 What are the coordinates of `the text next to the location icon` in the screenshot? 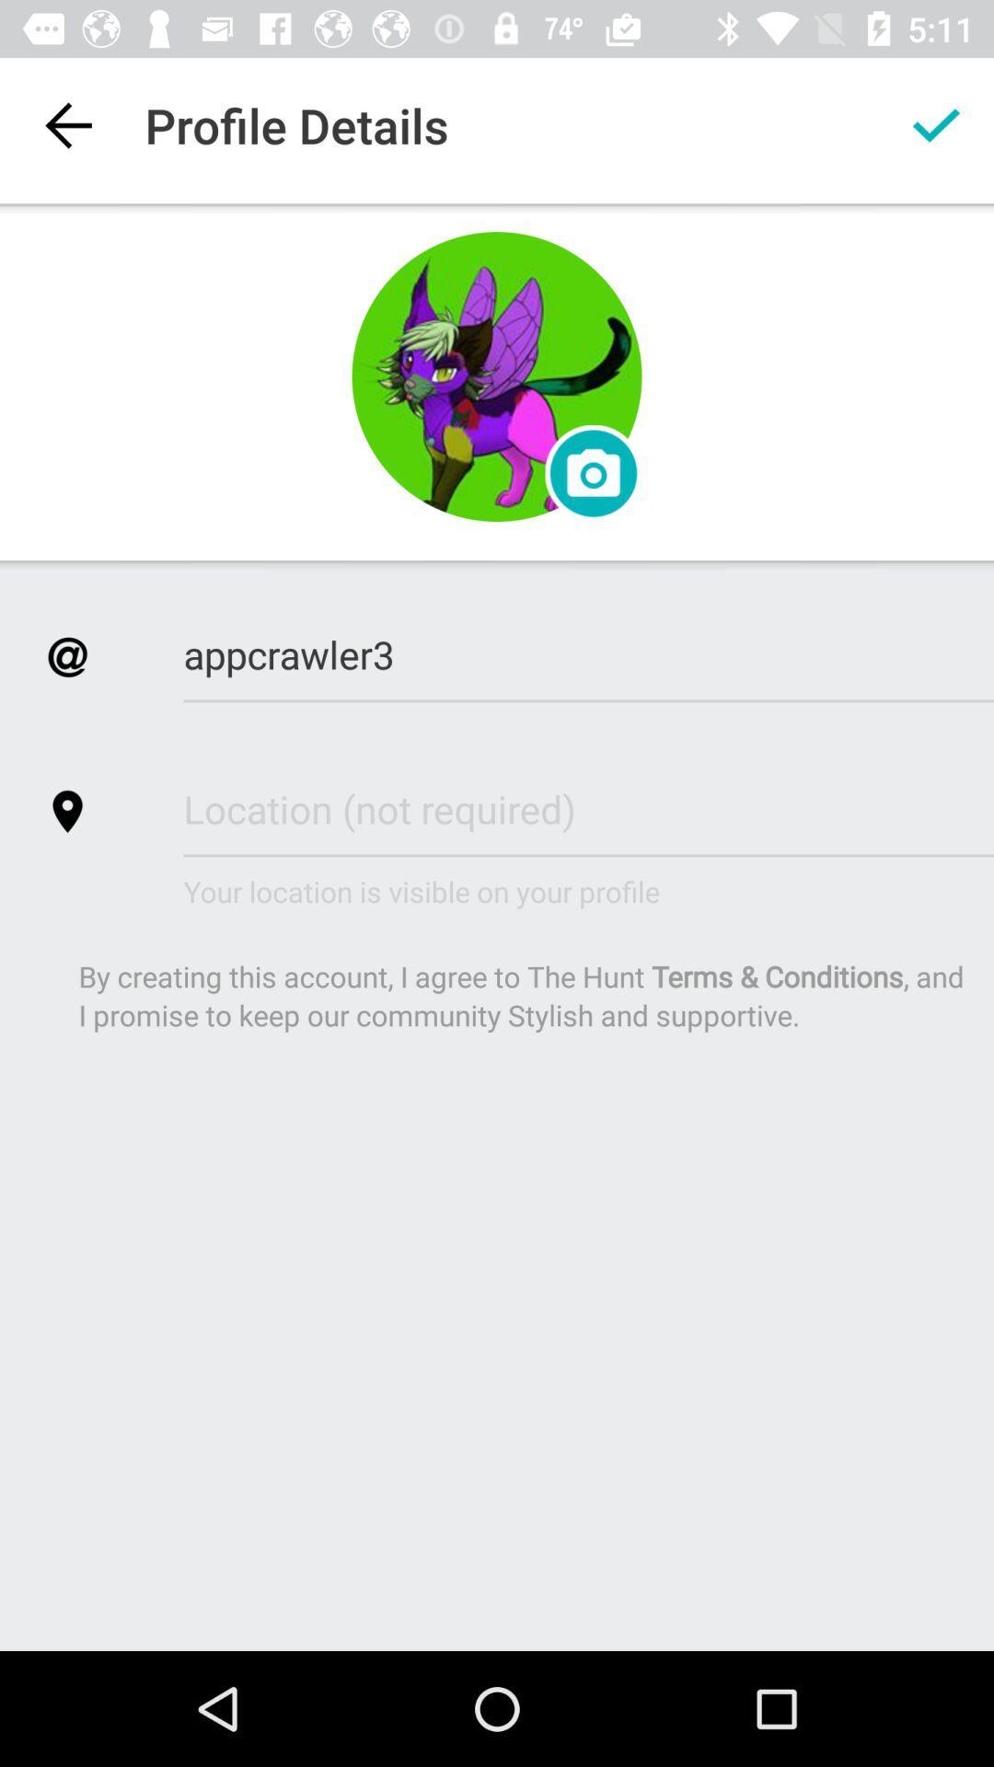 It's located at (589, 809).